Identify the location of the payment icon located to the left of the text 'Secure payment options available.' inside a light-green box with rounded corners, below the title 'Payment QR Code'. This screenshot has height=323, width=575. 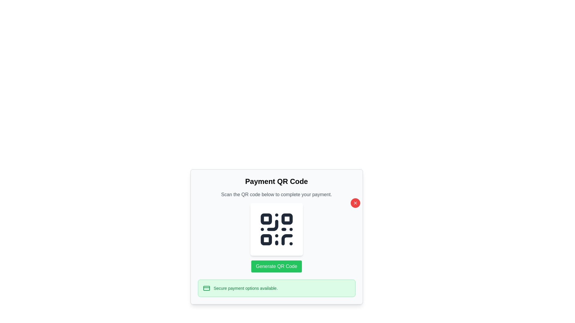
(206, 288).